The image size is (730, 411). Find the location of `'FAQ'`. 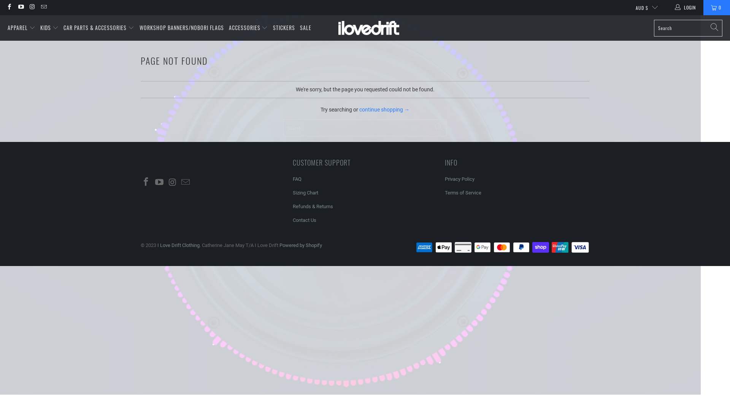

'FAQ' is located at coordinates (297, 179).